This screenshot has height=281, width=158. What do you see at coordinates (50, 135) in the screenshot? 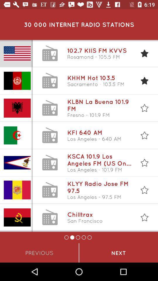
I see `the 4th landline icon` at bounding box center [50, 135].